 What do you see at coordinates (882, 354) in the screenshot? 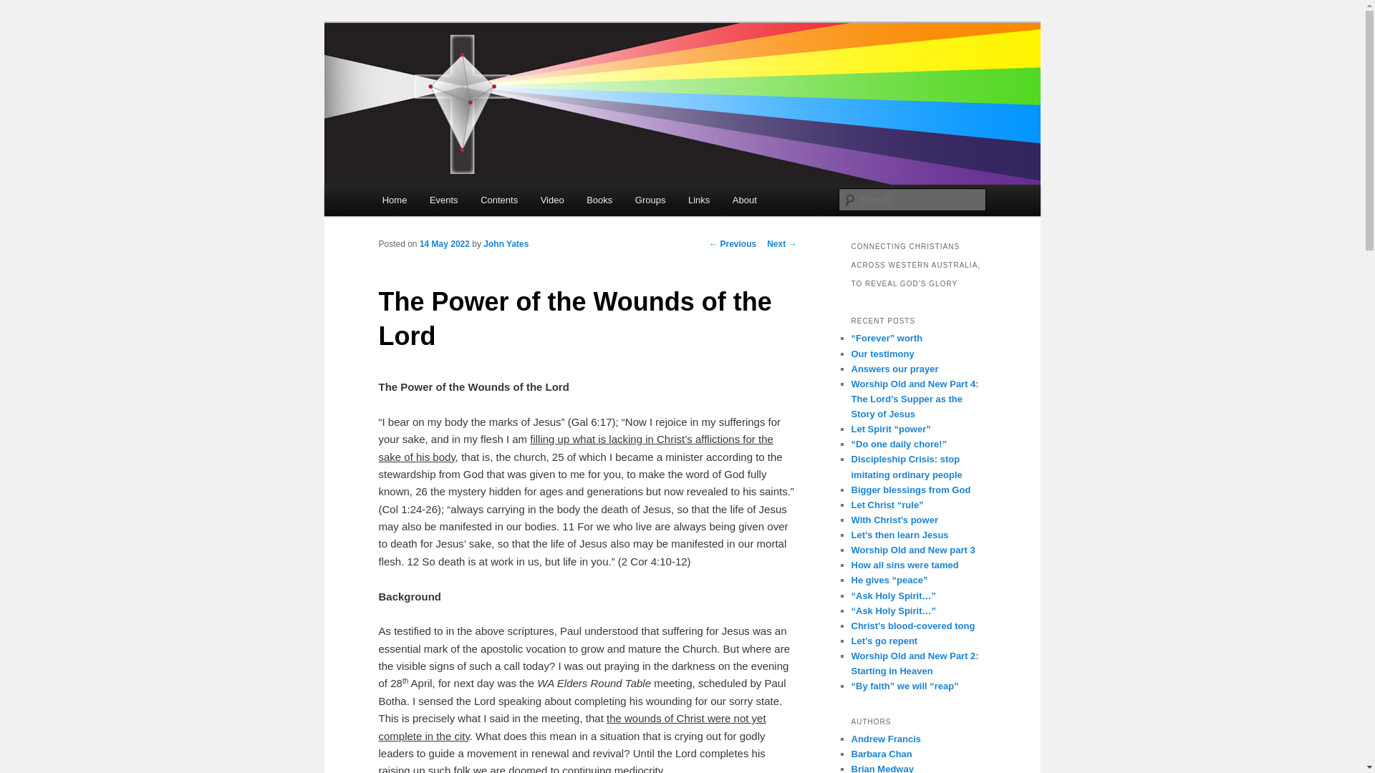
I see `'Our testimony'` at bounding box center [882, 354].